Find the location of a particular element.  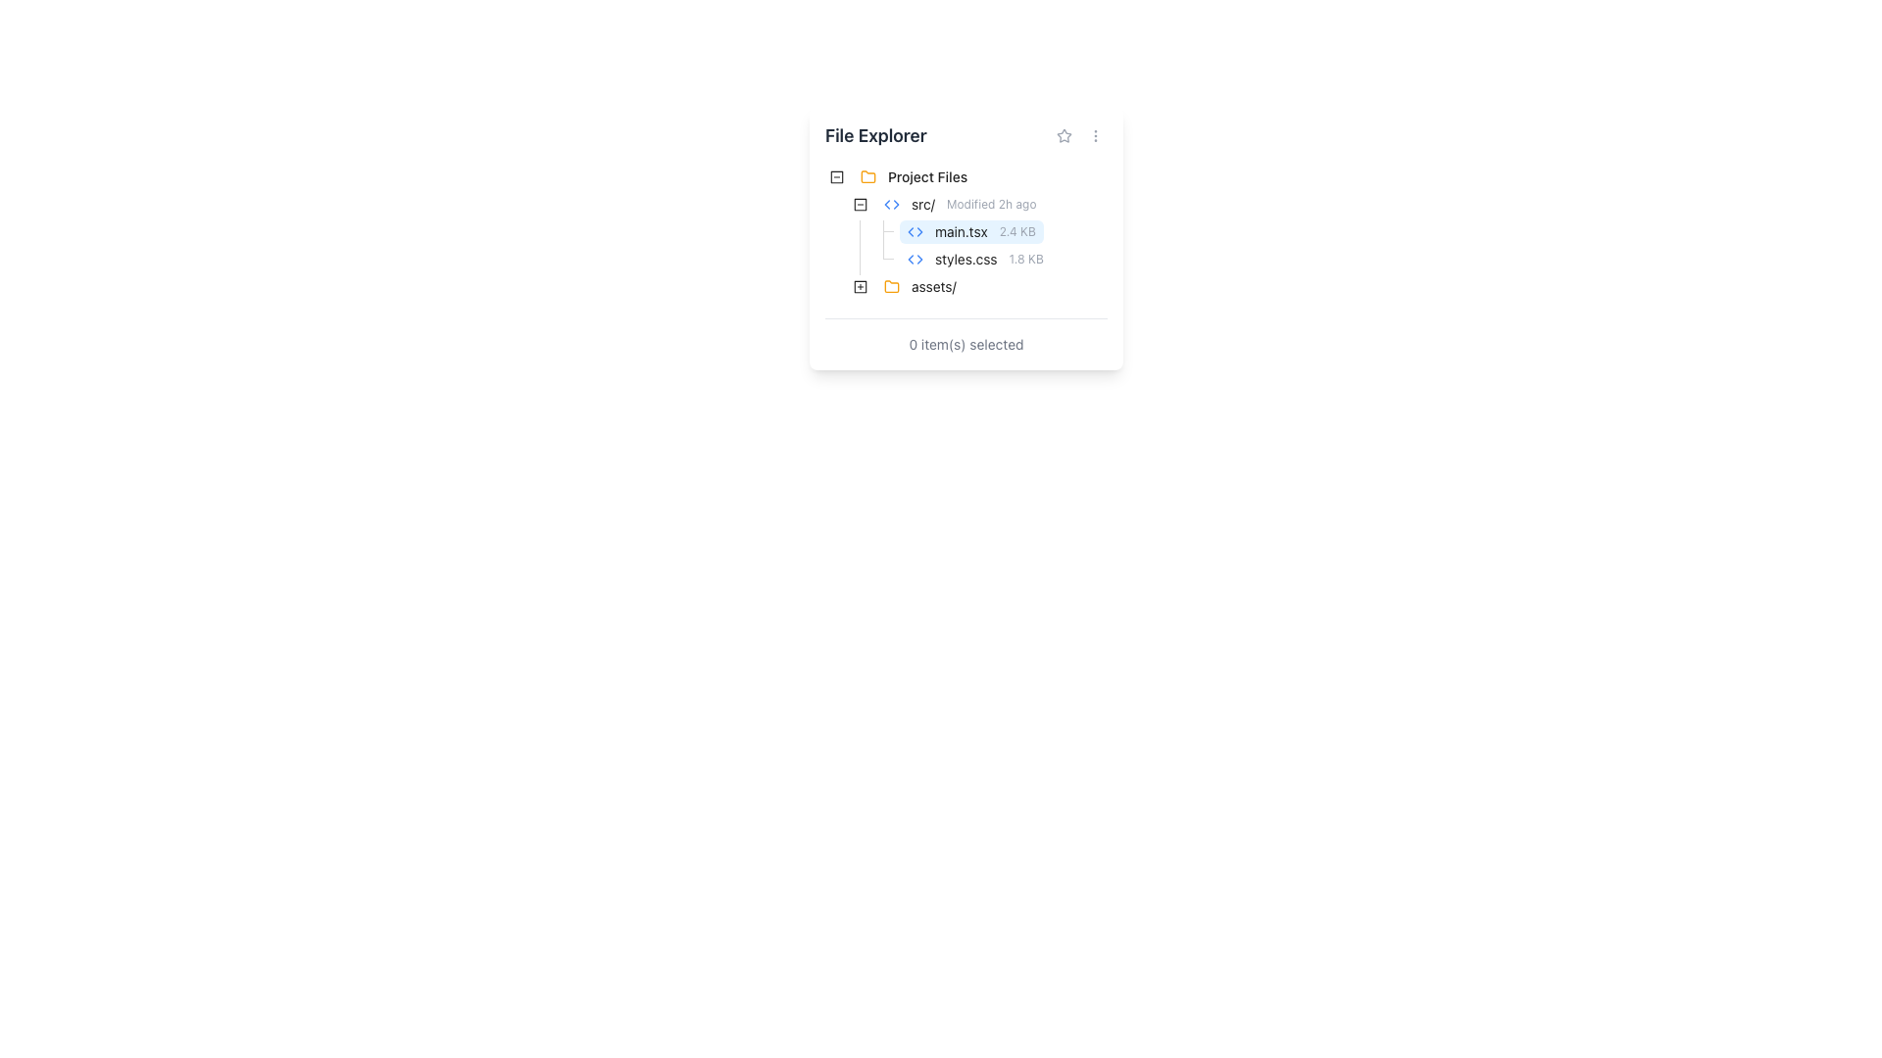

the label indicating the last modification time of the 'src' folder in the file explorer interface, which is located to the right of the folder name 'src/' is located at coordinates (991, 204).